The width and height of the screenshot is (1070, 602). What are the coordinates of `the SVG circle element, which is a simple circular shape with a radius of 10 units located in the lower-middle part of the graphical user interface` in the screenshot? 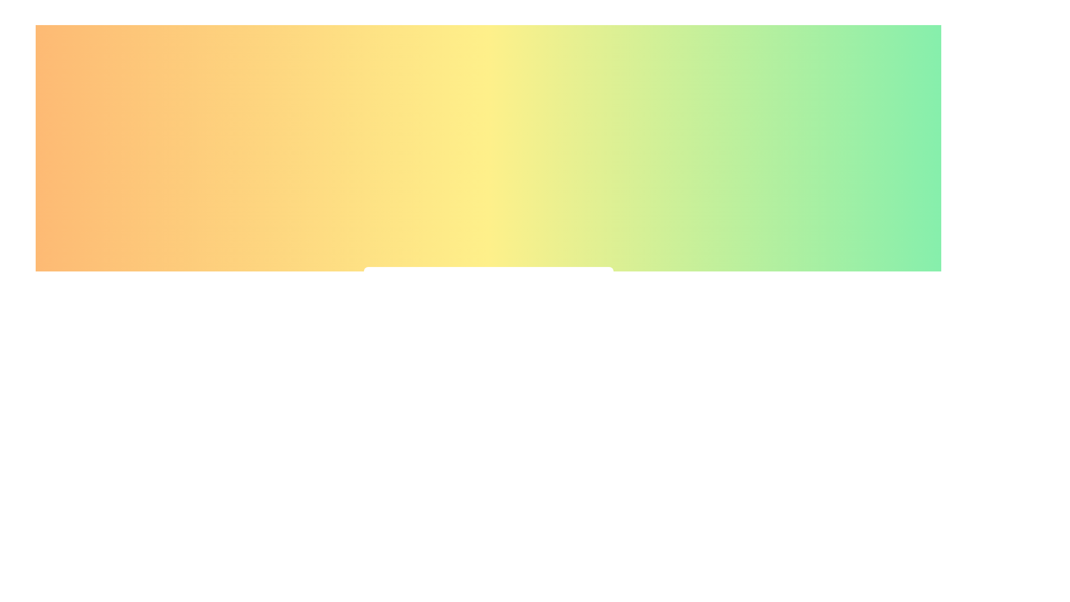 It's located at (470, 358).